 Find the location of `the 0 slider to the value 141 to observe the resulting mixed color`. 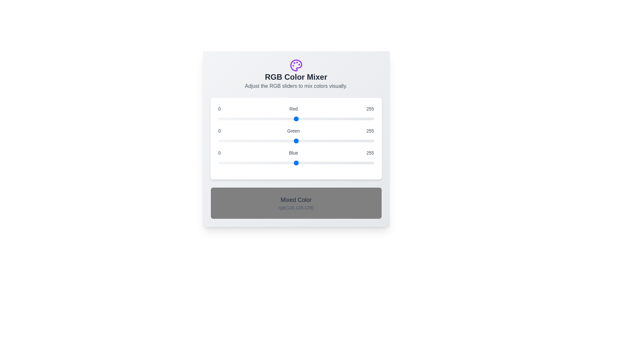

the 0 slider to the value 141 to observe the resulting mixed color is located at coordinates (296, 119).